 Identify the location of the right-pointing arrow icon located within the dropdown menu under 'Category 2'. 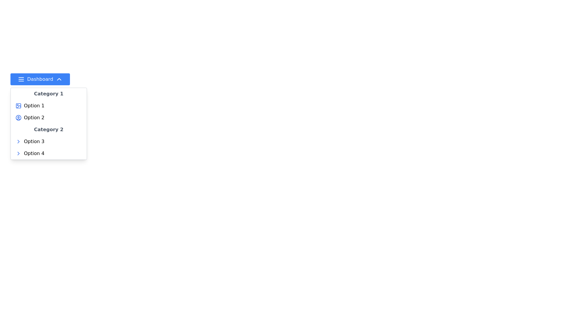
(19, 141).